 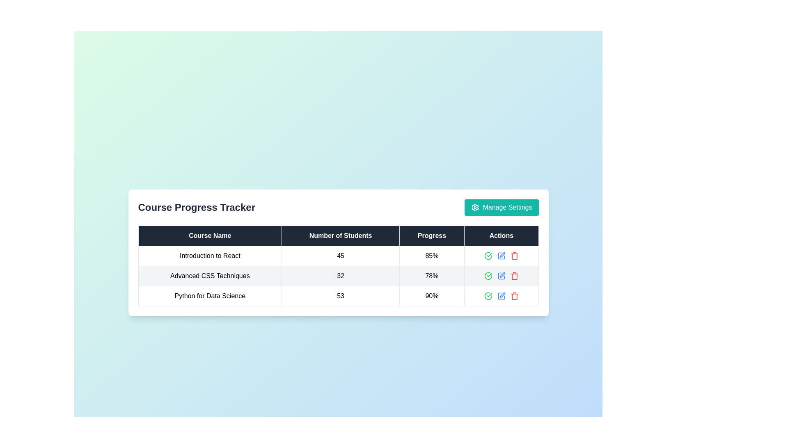 What do you see at coordinates (488, 296) in the screenshot?
I see `the decorative icon in the 'Actions' column of the last row in the 'Course Progress Tracker' table, which indicates confirmation or selection` at bounding box center [488, 296].